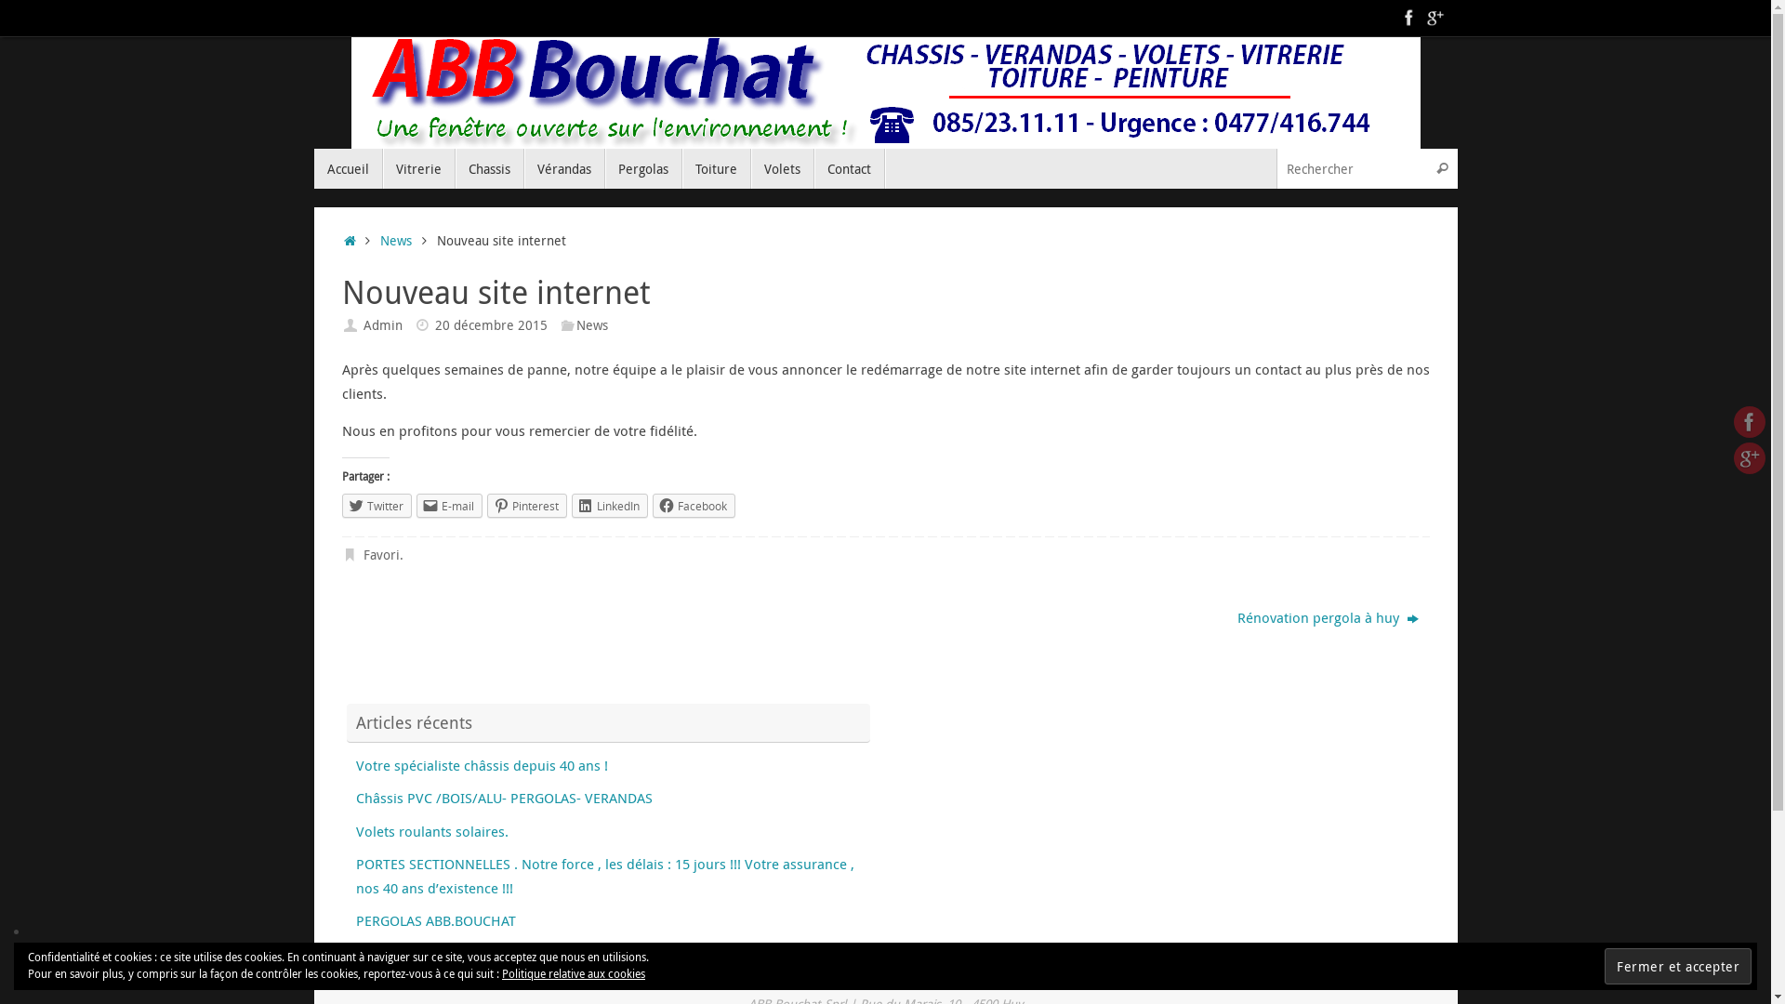 This screenshot has width=1785, height=1004. What do you see at coordinates (490, 168) in the screenshot?
I see `'Chassis'` at bounding box center [490, 168].